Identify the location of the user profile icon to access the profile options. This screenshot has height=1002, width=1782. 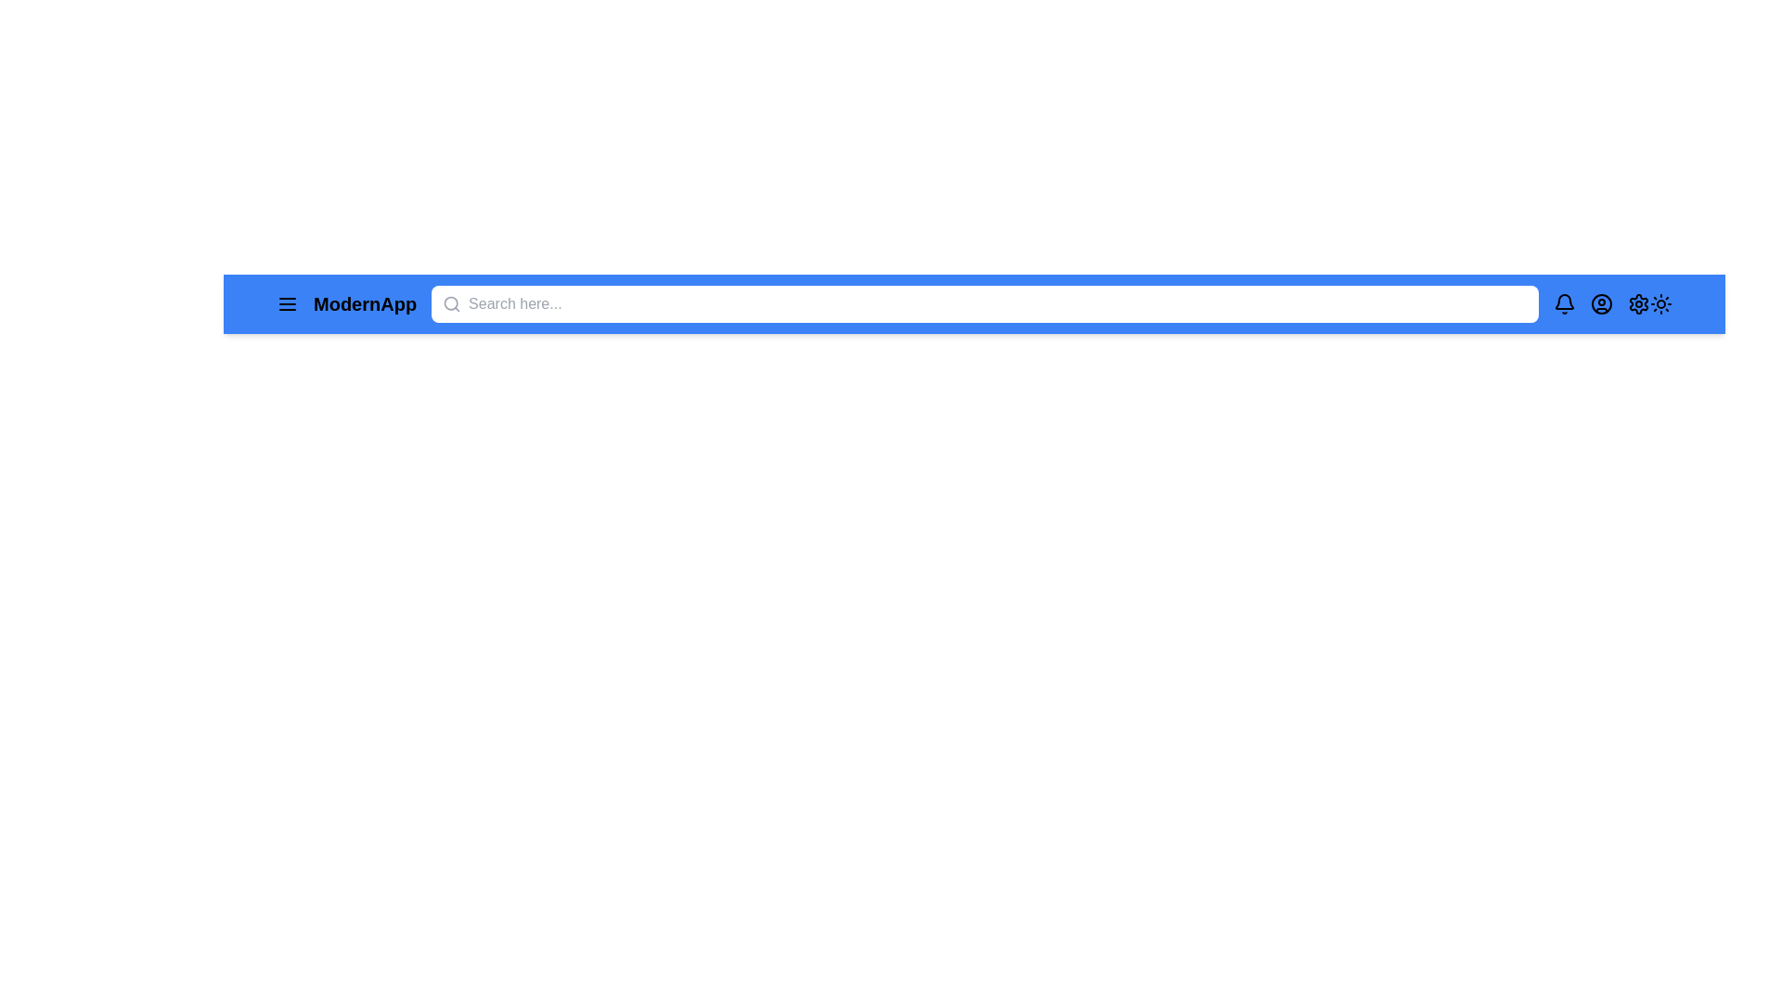
(1601, 302).